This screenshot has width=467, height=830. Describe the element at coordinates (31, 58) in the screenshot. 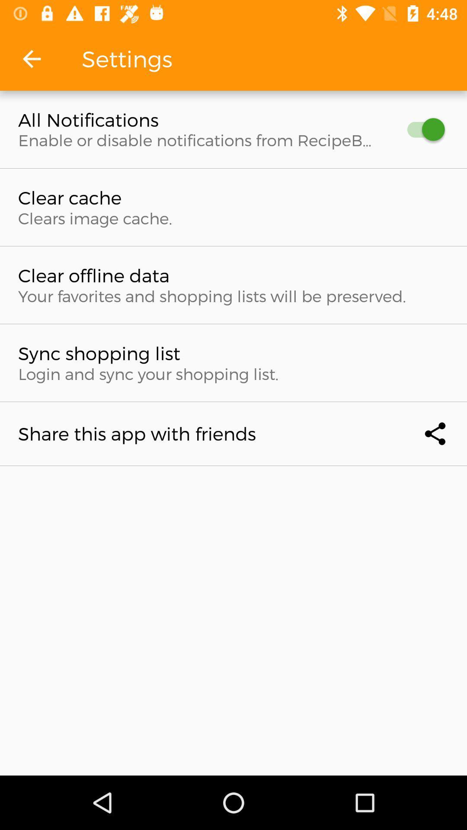

I see `item above the all notifications` at that location.